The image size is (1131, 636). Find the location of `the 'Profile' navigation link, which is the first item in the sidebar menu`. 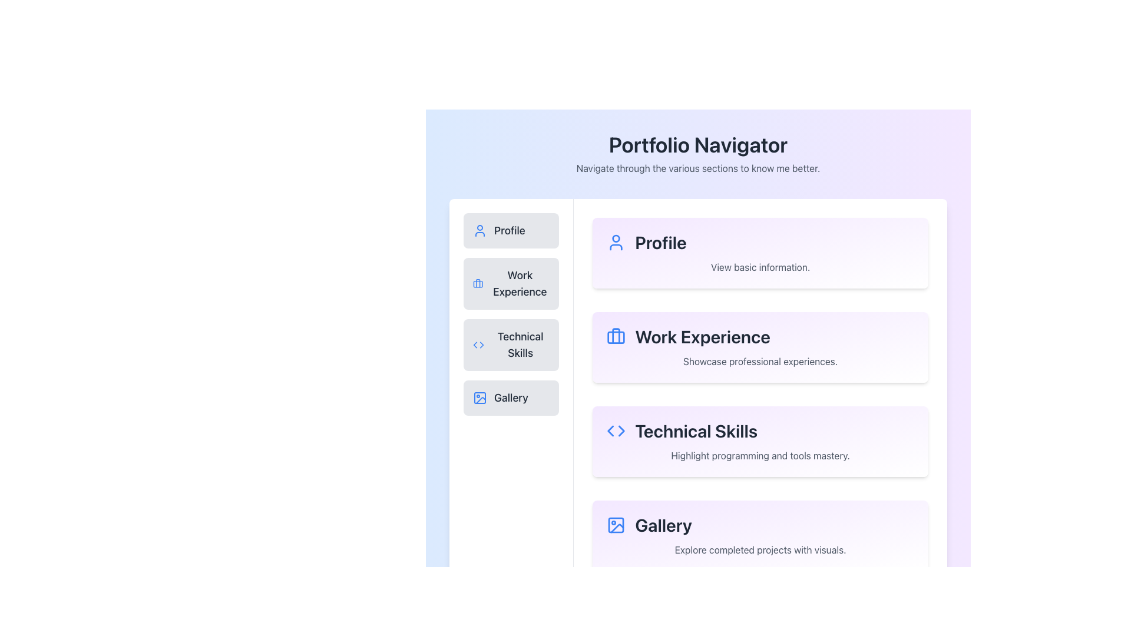

the 'Profile' navigation link, which is the first item in the sidebar menu is located at coordinates (511, 231).